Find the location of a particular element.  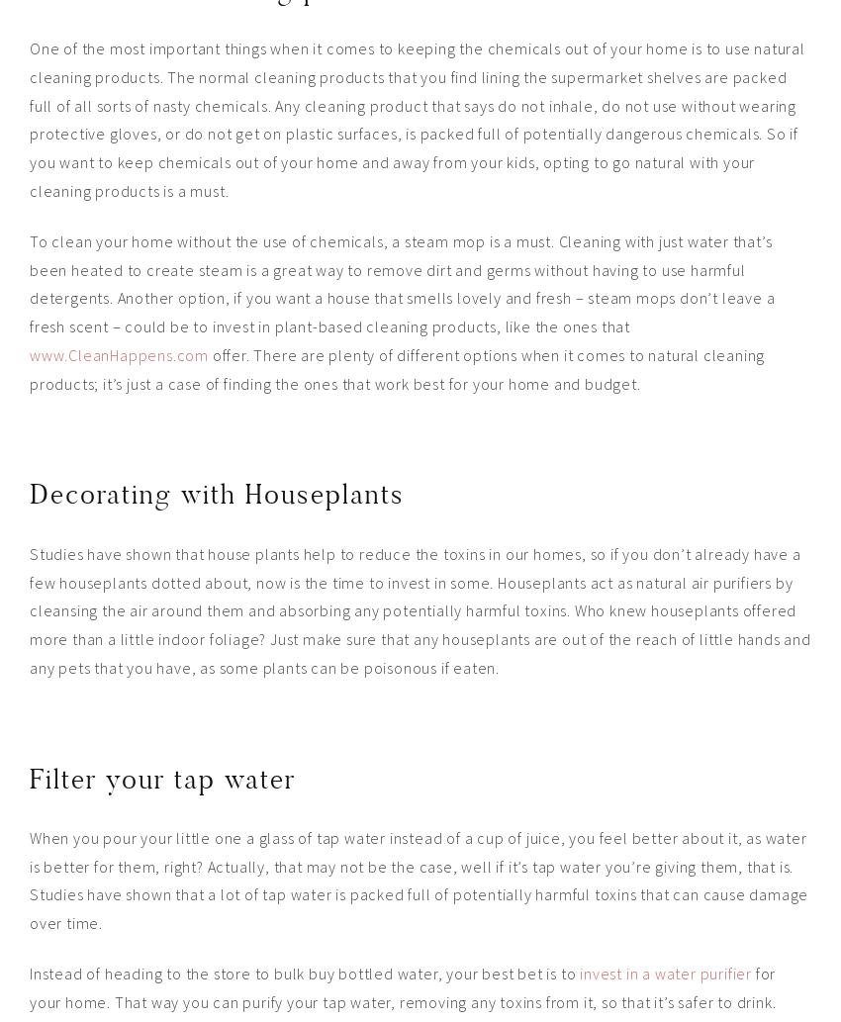

'Filter your tap water' is located at coordinates (162, 778).